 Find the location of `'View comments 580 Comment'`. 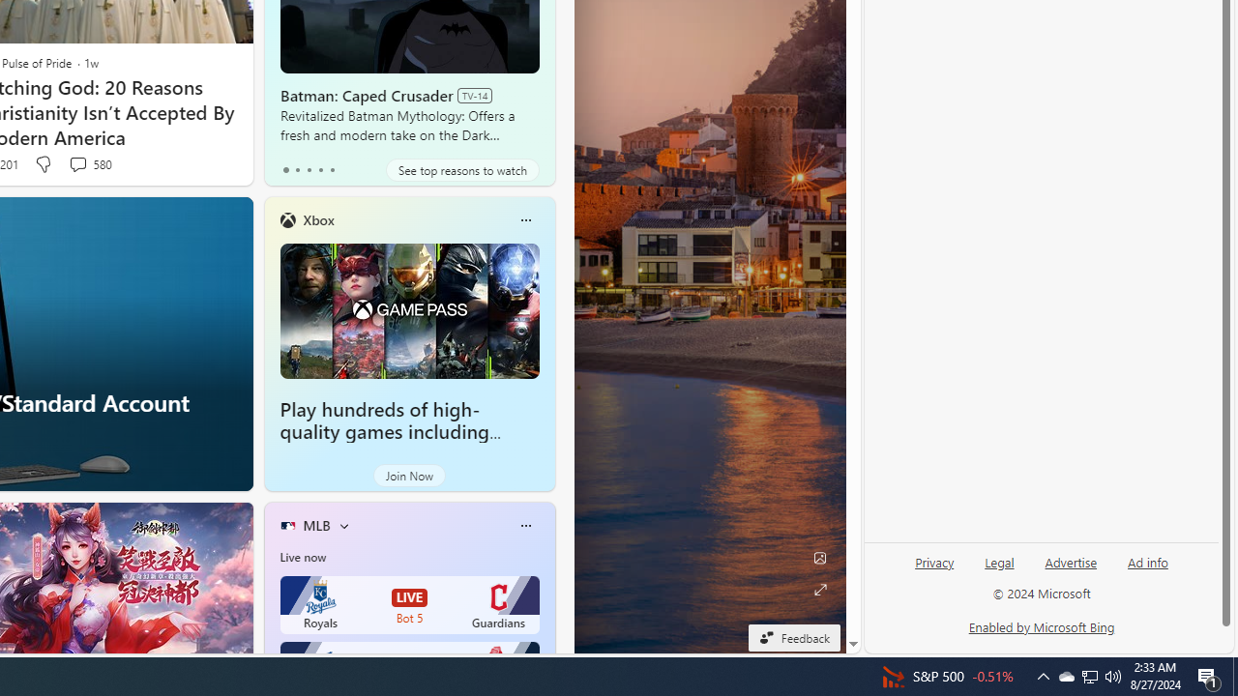

'View comments 580 Comment' is located at coordinates (88, 163).